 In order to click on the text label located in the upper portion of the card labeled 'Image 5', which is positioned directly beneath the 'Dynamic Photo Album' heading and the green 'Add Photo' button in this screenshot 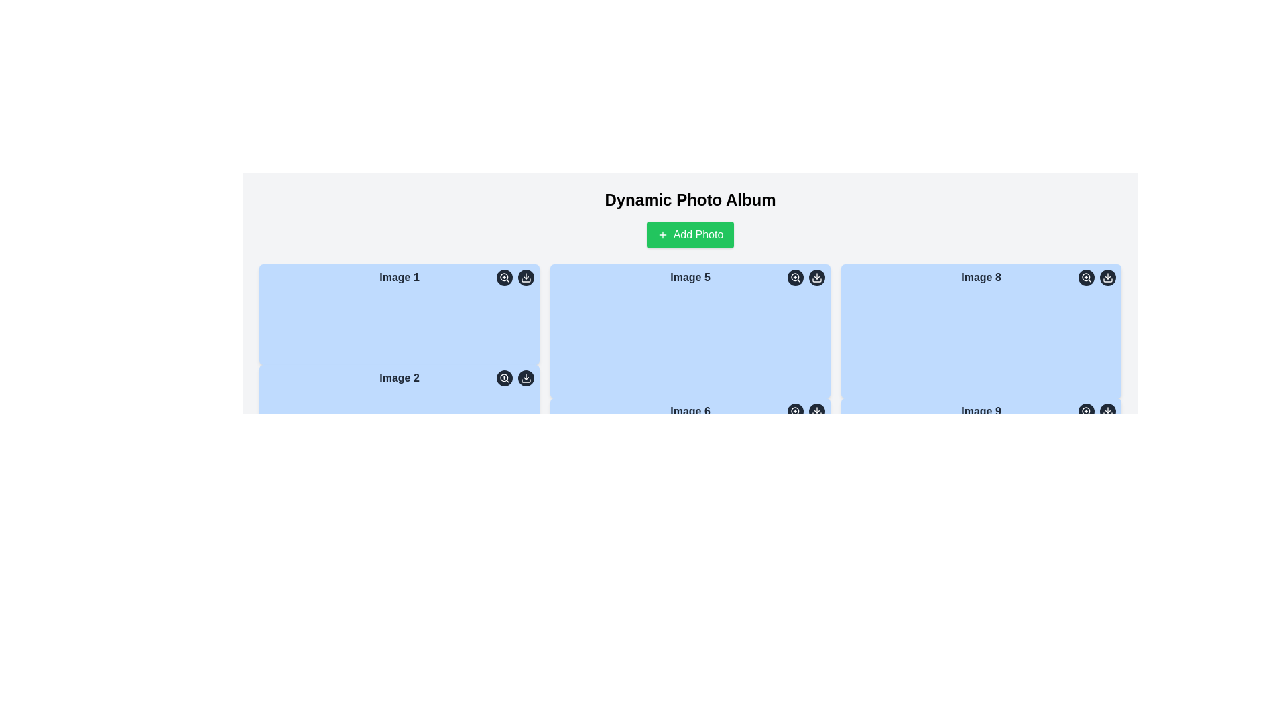, I will do `click(690, 277)`.